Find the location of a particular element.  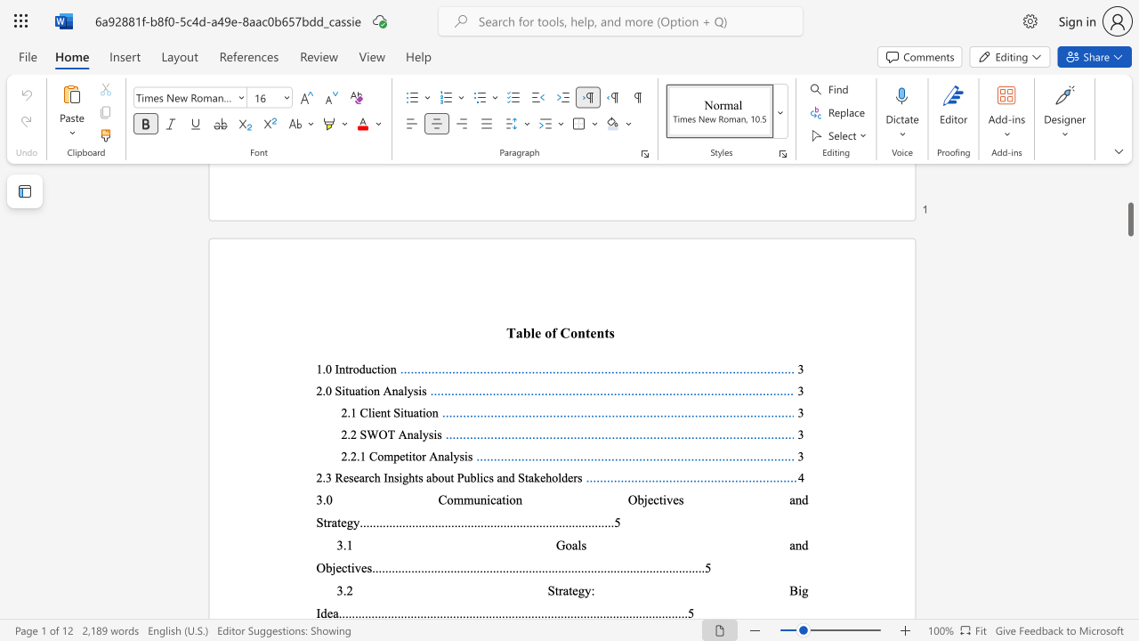

the subset text "nt Si" within the text "2.1 Client Situation" is located at coordinates (379, 412).